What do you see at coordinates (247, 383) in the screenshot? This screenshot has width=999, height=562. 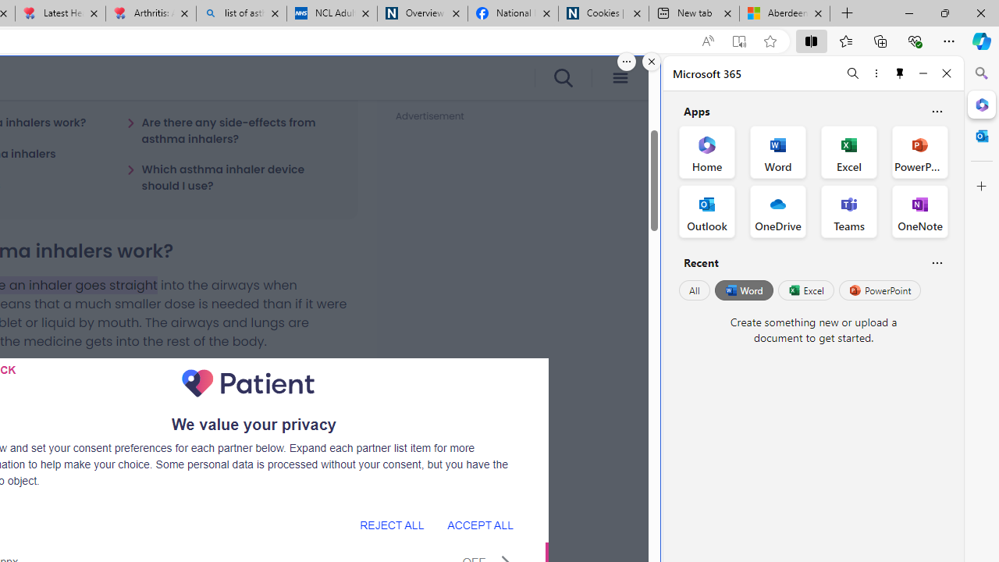 I see `'Publisher Logo'` at bounding box center [247, 383].